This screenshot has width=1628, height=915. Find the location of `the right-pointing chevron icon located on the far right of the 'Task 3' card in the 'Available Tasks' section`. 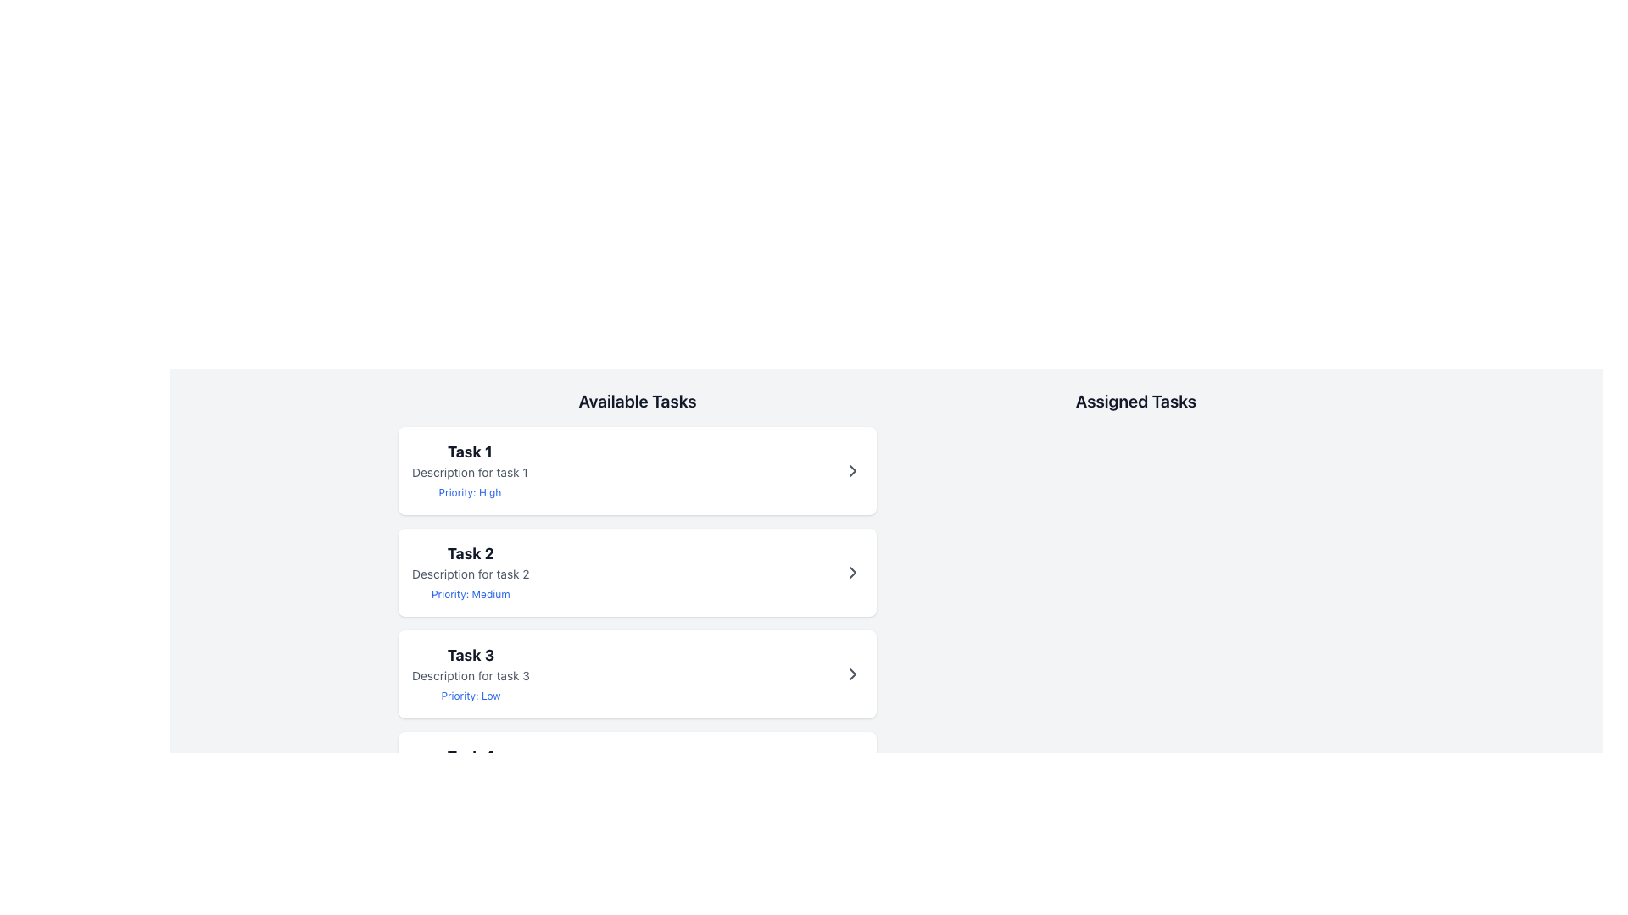

the right-pointing chevron icon located on the far right of the 'Task 3' card in the 'Available Tasks' section is located at coordinates (853, 673).